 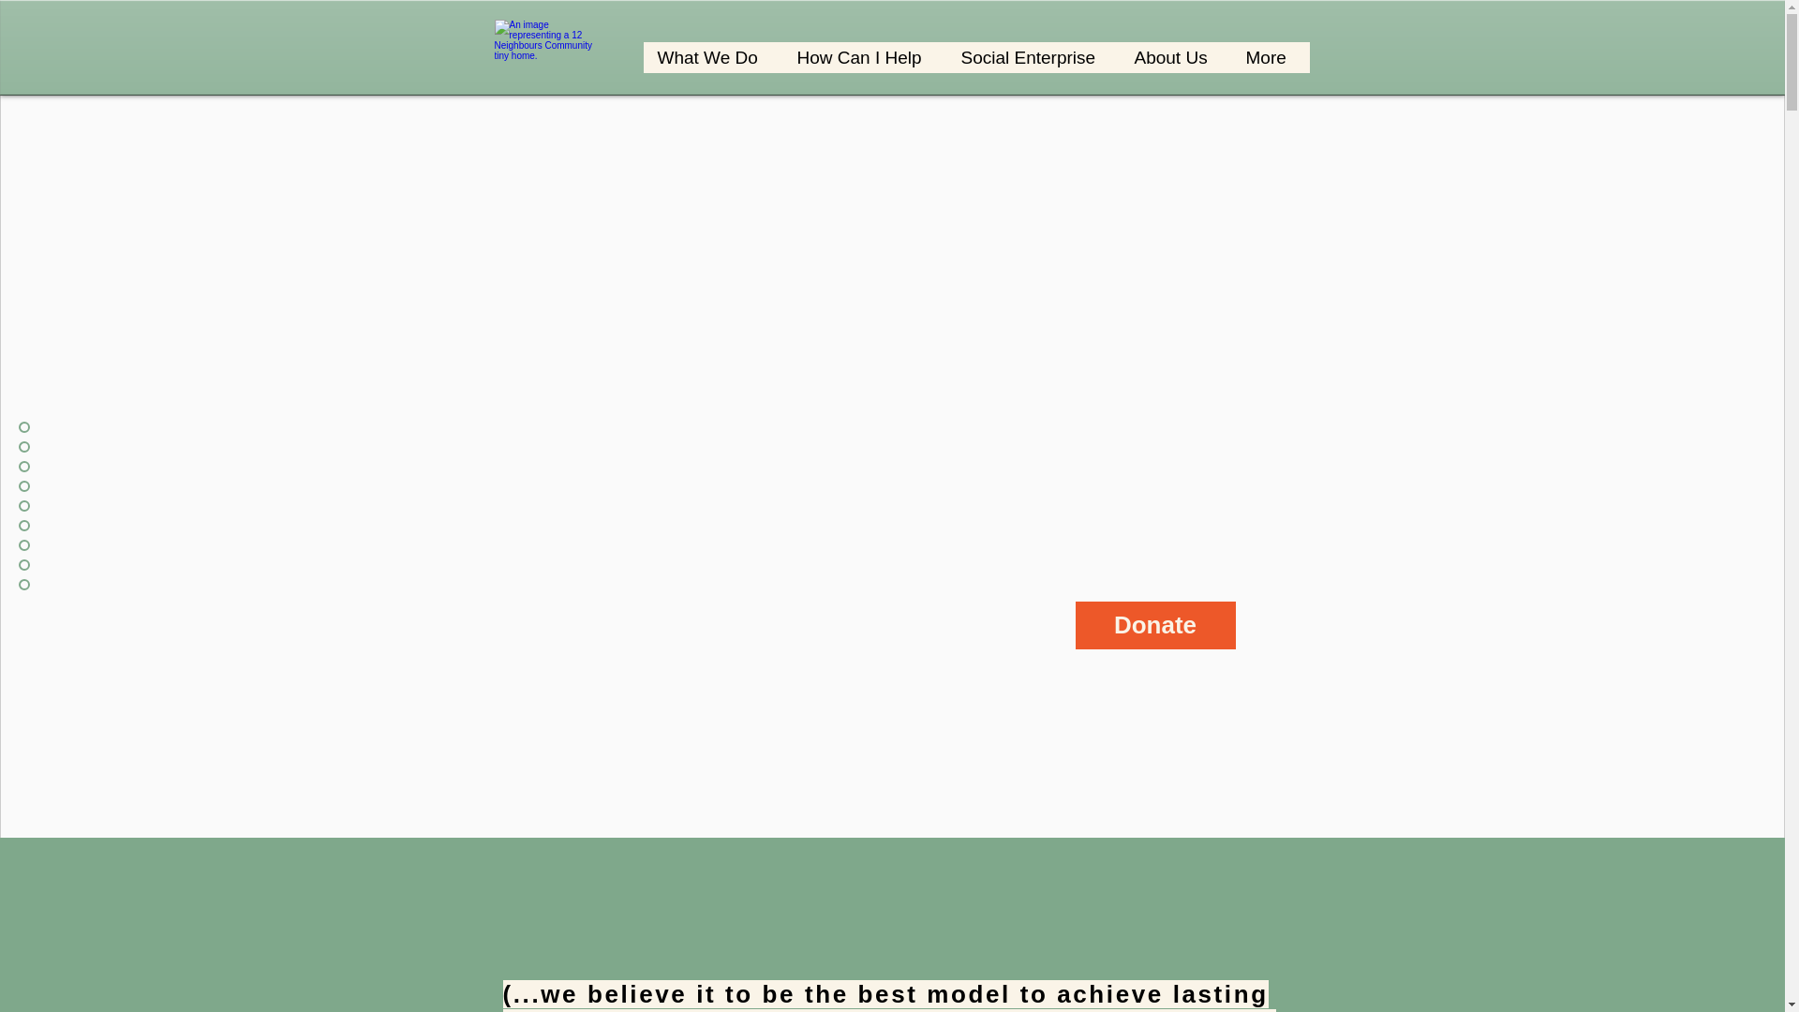 I want to click on 'How Can I Help', so click(x=862, y=56).